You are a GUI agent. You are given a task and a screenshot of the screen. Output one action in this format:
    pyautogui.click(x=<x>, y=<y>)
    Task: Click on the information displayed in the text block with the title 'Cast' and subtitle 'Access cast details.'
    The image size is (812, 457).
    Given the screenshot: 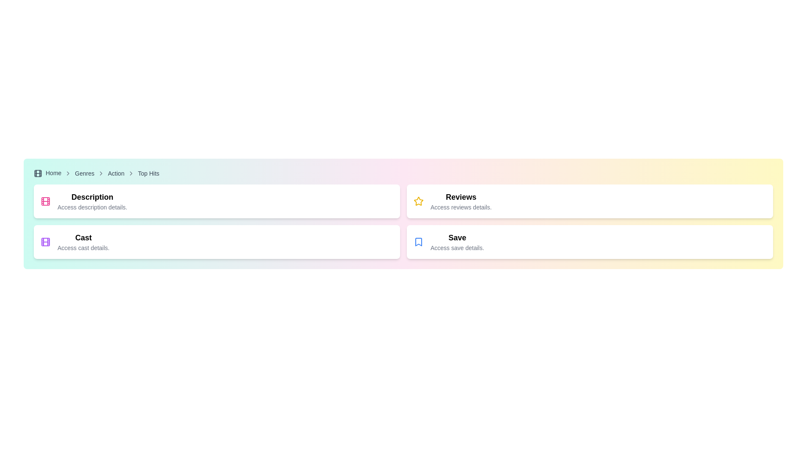 What is the action you would take?
    pyautogui.click(x=83, y=242)
    